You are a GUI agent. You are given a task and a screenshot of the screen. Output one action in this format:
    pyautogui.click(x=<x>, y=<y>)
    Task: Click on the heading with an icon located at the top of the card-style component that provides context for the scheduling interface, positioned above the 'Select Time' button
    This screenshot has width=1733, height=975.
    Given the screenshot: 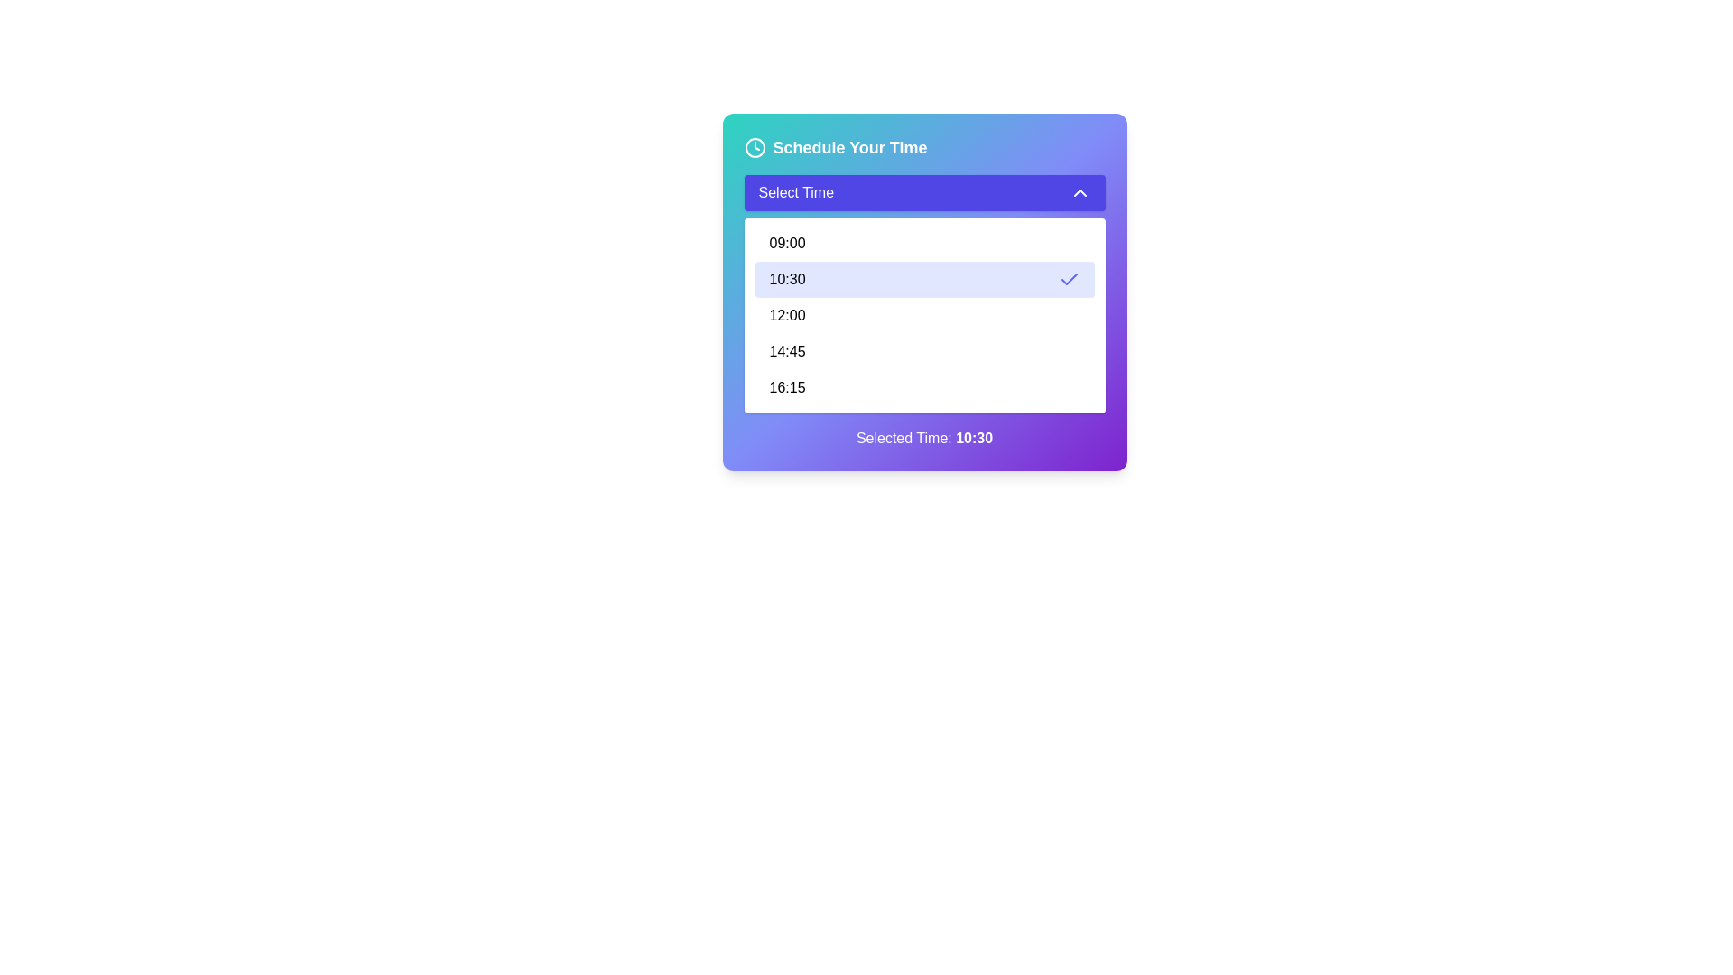 What is the action you would take?
    pyautogui.click(x=924, y=147)
    